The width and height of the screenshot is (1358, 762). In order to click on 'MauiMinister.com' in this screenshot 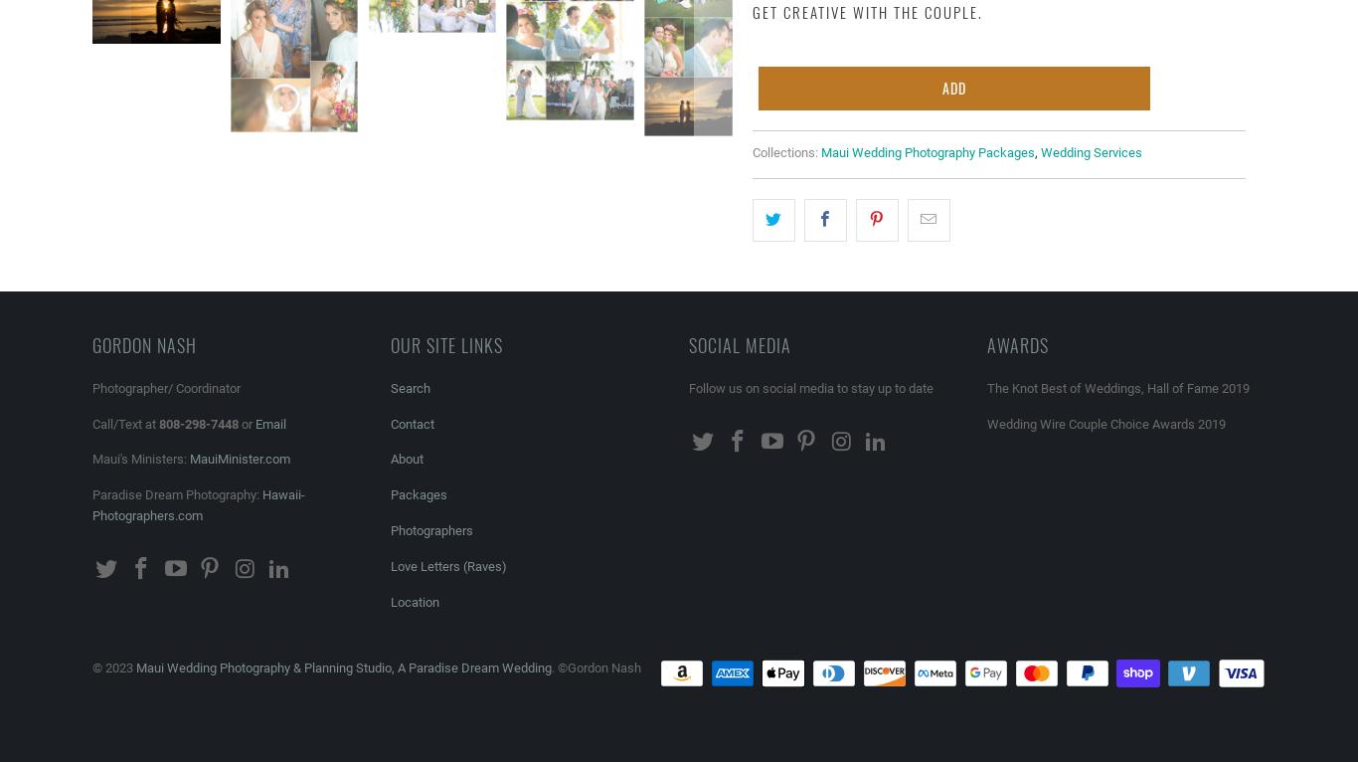, I will do `click(240, 458)`.